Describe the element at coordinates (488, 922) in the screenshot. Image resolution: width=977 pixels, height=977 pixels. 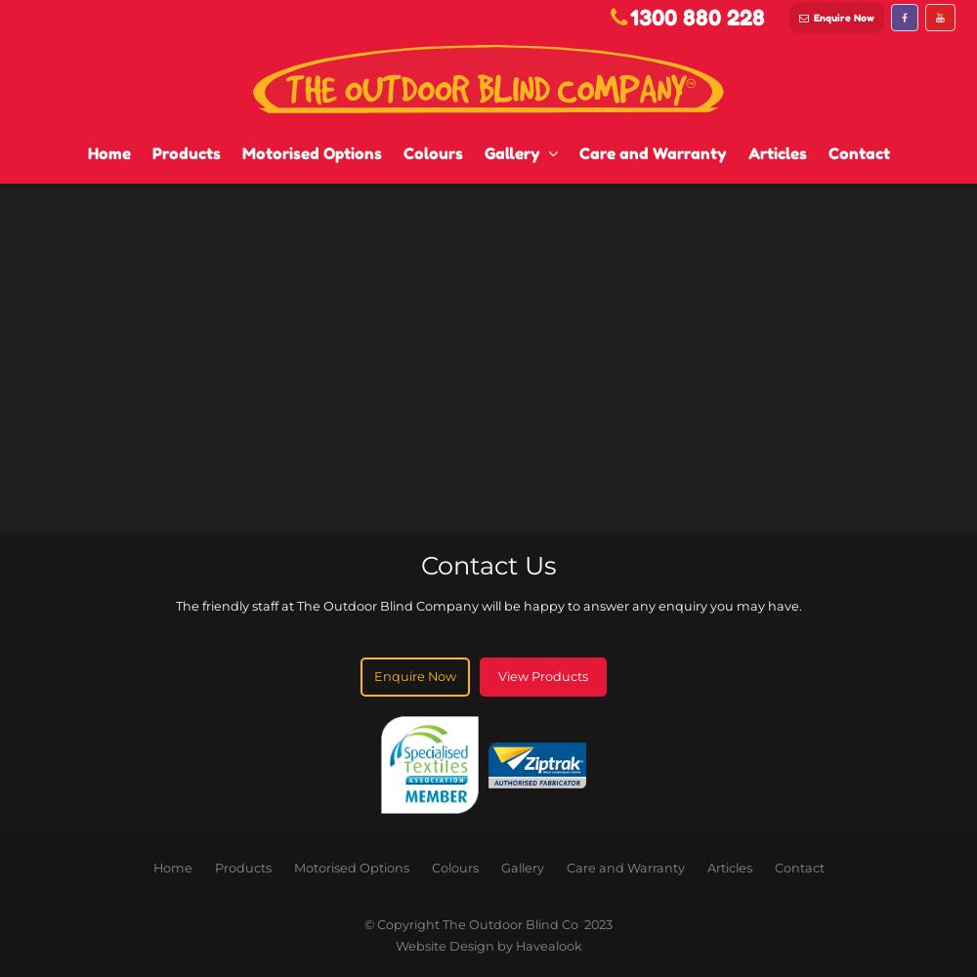
I see `'© Copyright The Outdoor Blind Co  2023'` at that location.